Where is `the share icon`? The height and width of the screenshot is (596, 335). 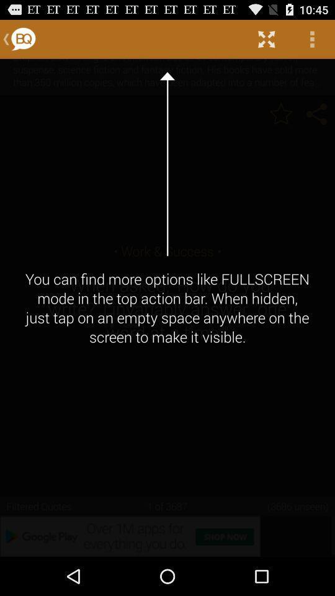 the share icon is located at coordinates (317, 121).